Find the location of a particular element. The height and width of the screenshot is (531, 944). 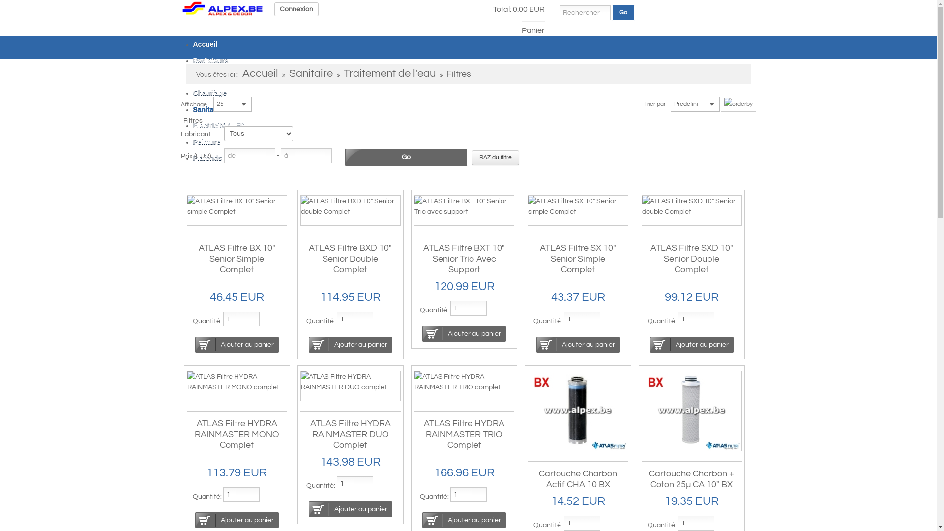

'ATLAS Filtre HYDRA RAINMASTER MONO Complet' is located at coordinates (236, 434).